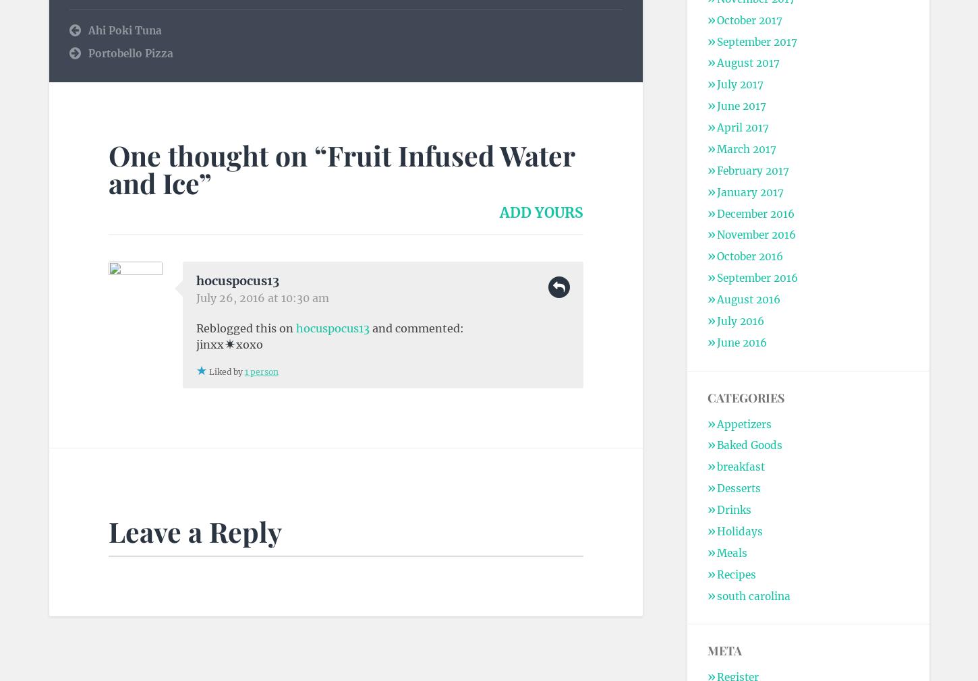 Image resolution: width=978 pixels, height=681 pixels. What do you see at coordinates (740, 341) in the screenshot?
I see `'June 2016'` at bounding box center [740, 341].